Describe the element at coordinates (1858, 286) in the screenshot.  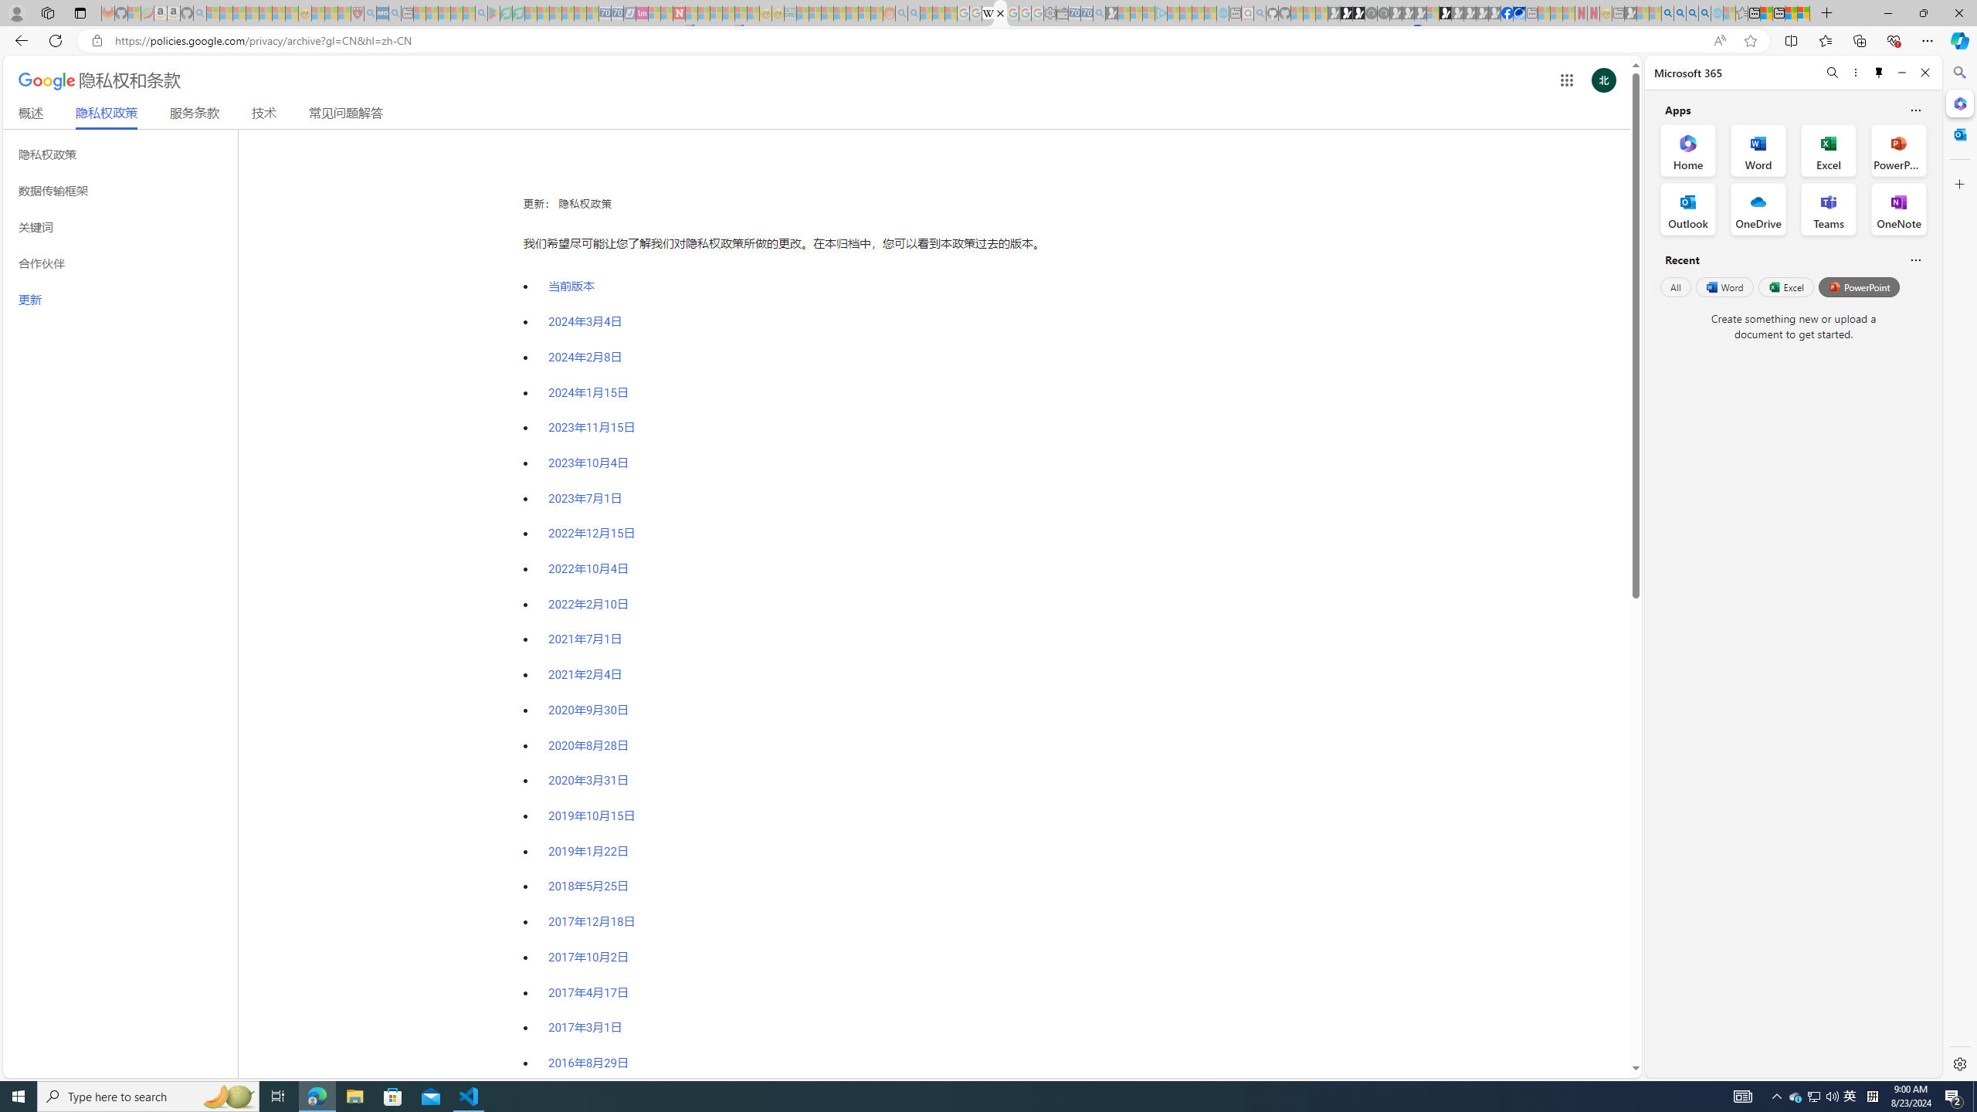
I see `'PowerPoint'` at that location.